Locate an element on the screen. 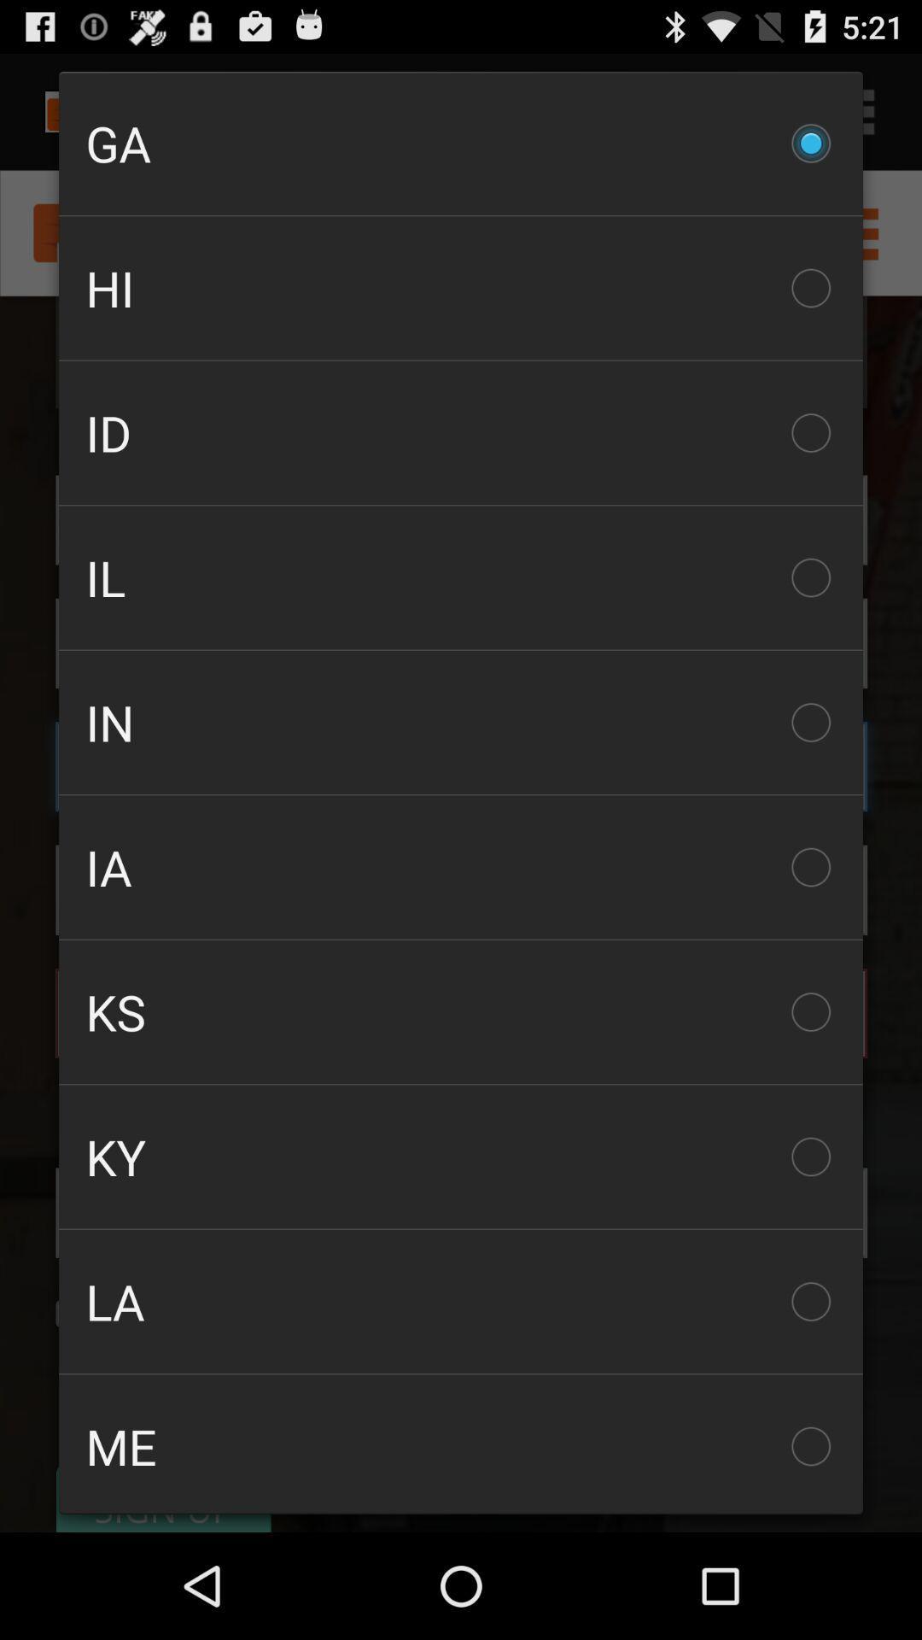 This screenshot has width=922, height=1640. checkbox above the in checkbox is located at coordinates (461, 577).